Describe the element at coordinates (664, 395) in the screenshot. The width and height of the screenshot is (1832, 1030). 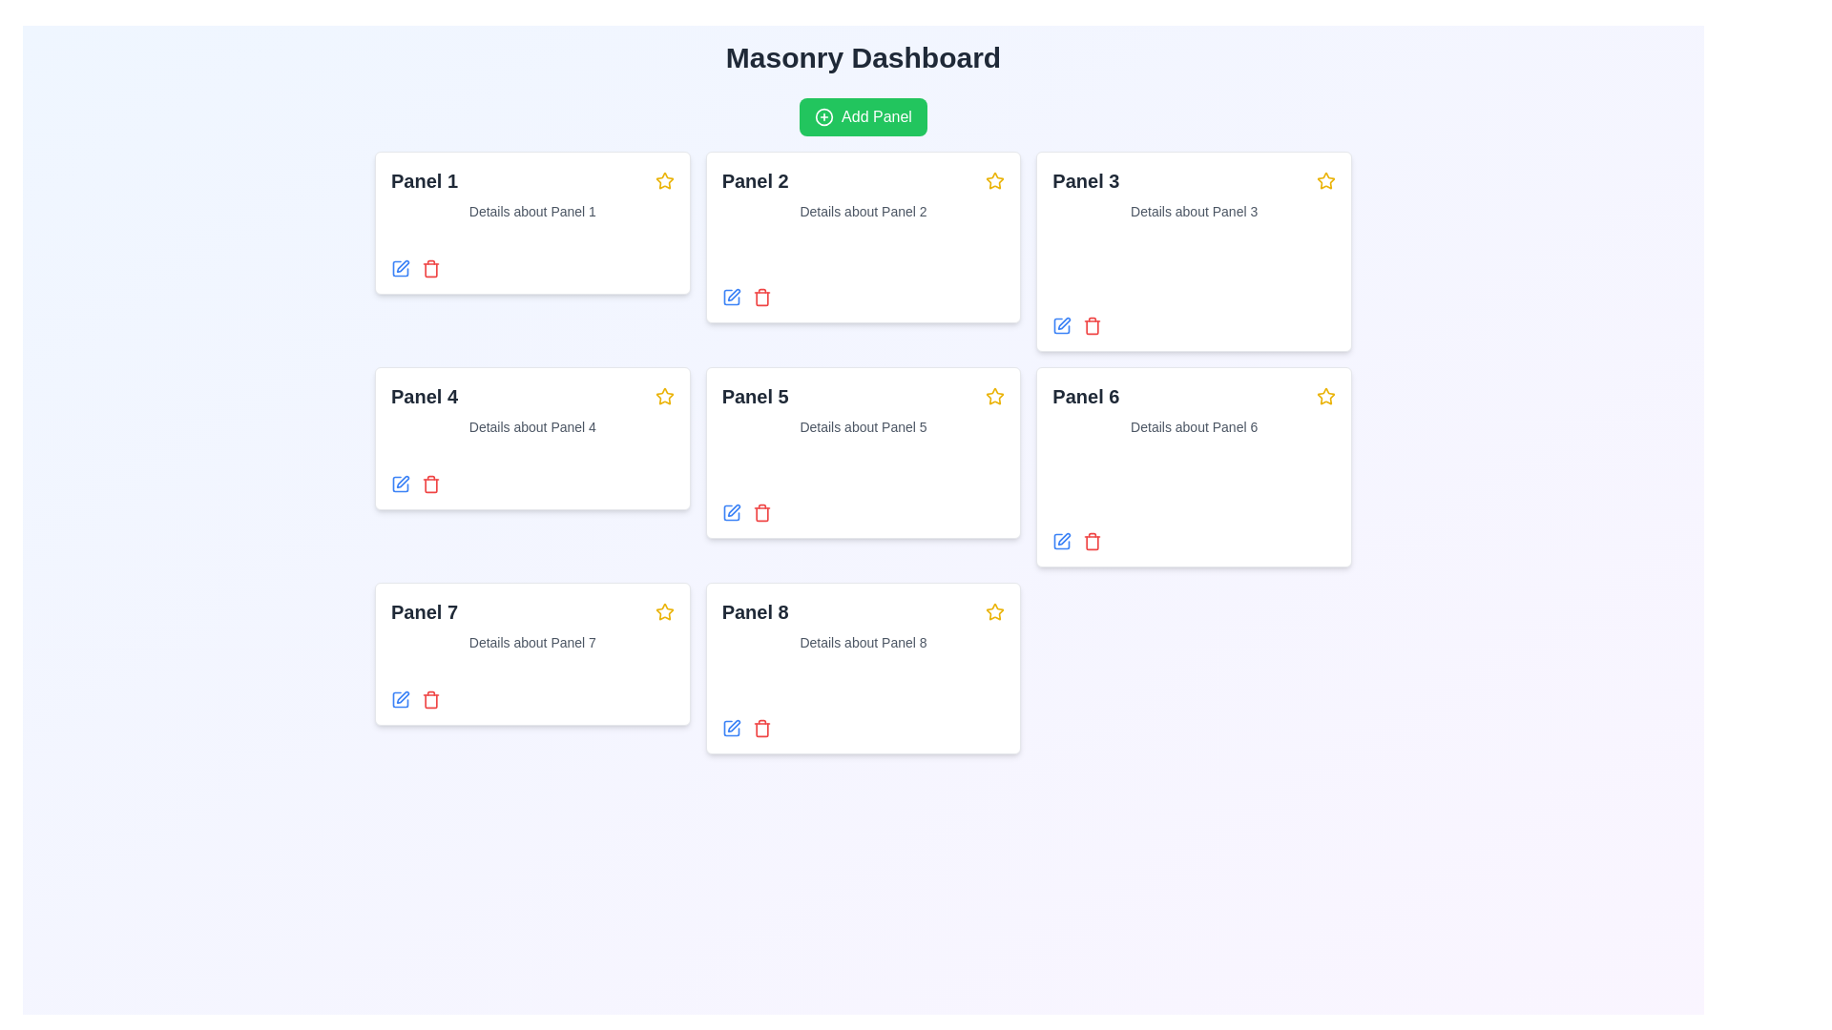
I see `the static star icon with a yellow fill and red marking located in the top-right corner of the white panel labeled 'Panel 5'` at that location.